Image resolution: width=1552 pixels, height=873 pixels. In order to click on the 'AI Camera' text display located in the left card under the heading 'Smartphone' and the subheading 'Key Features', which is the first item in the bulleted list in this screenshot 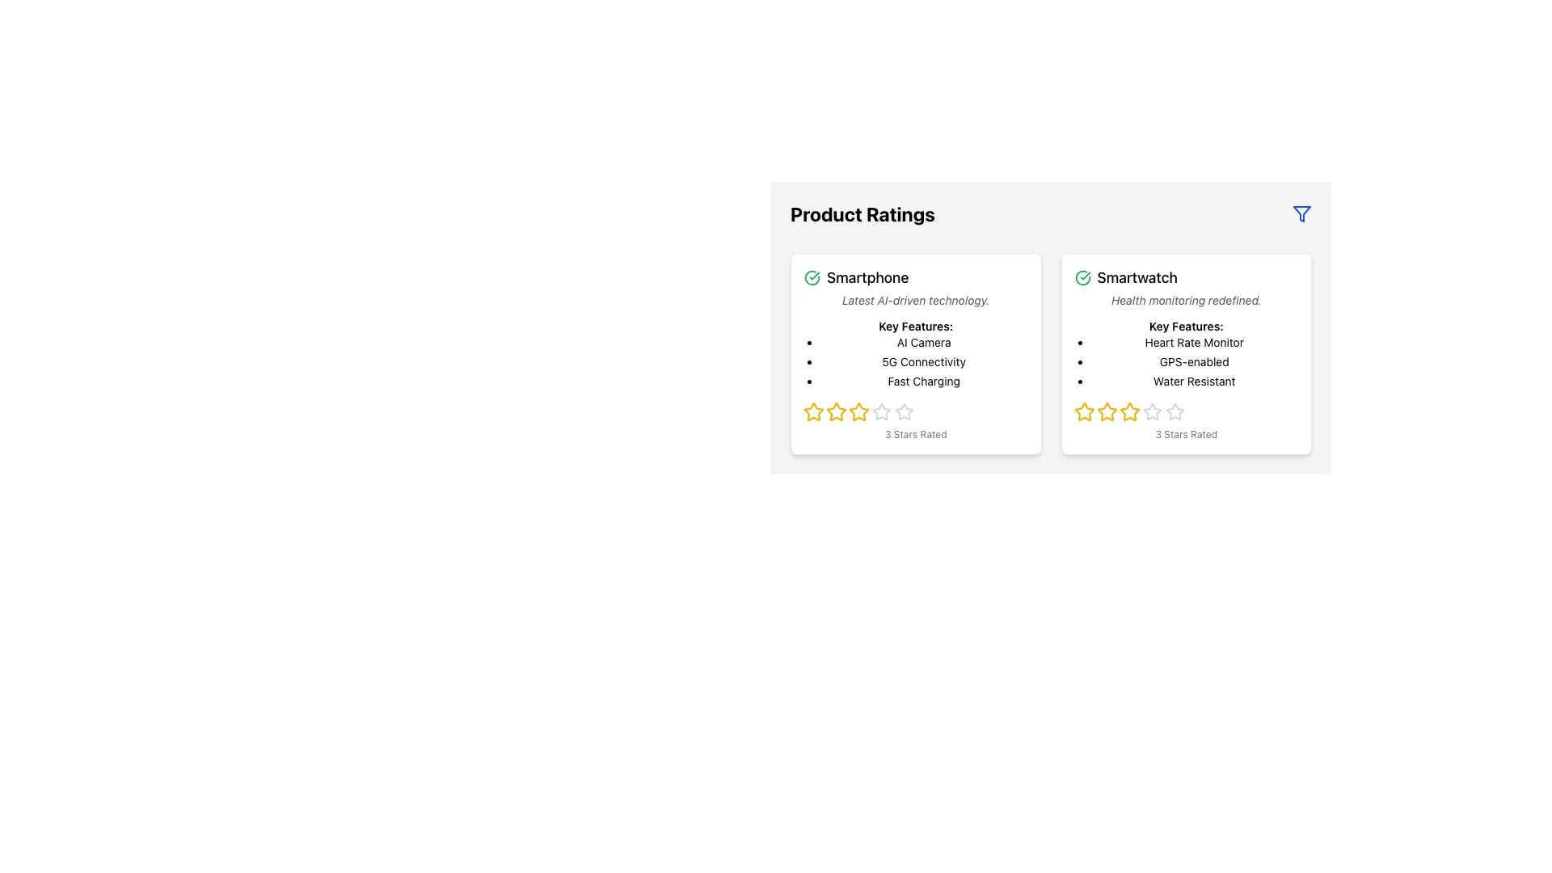, I will do `click(924, 342)`.